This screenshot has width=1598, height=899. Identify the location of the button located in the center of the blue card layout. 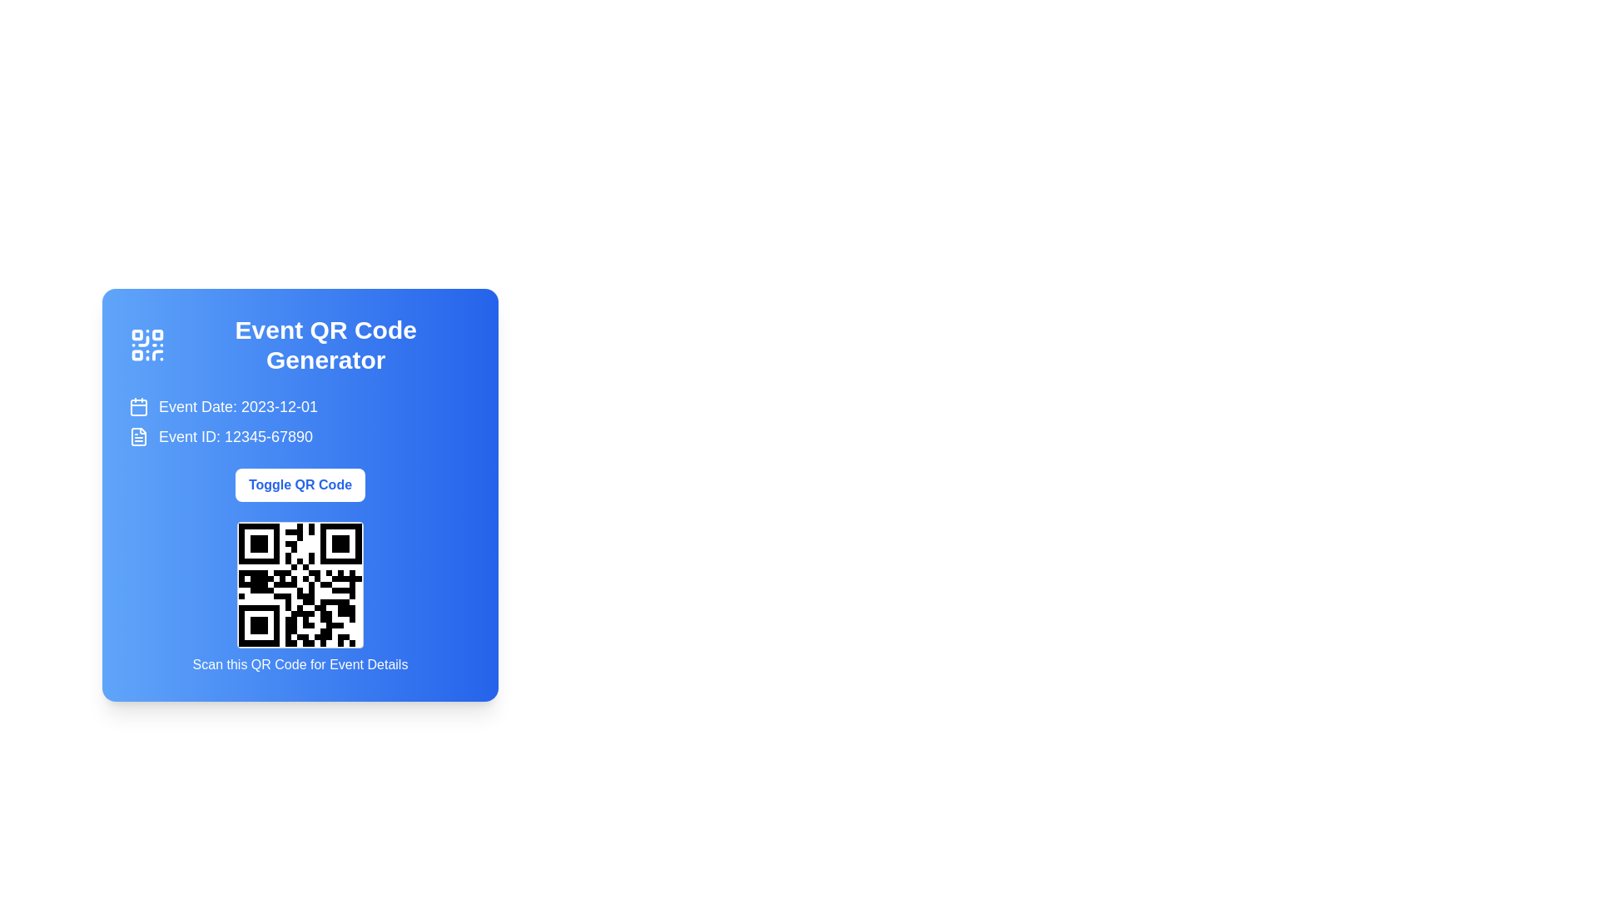
(300, 484).